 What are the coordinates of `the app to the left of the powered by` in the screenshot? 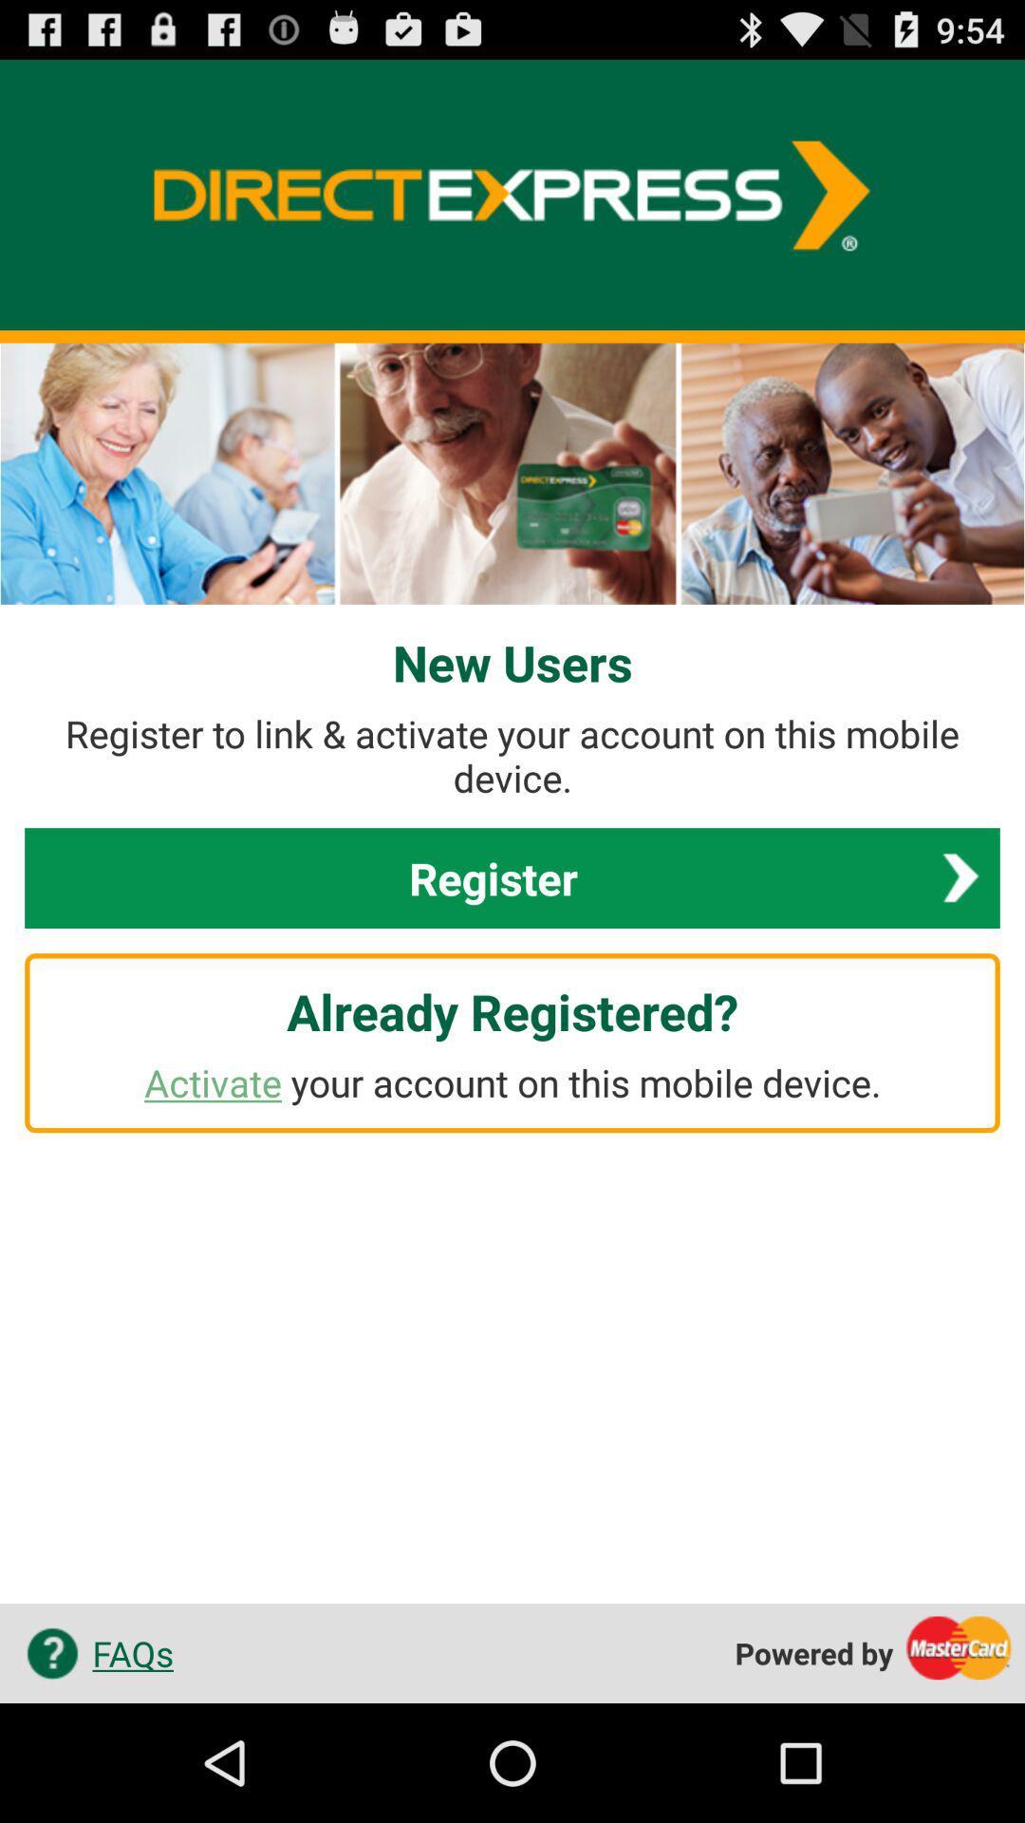 It's located at (93, 1652).